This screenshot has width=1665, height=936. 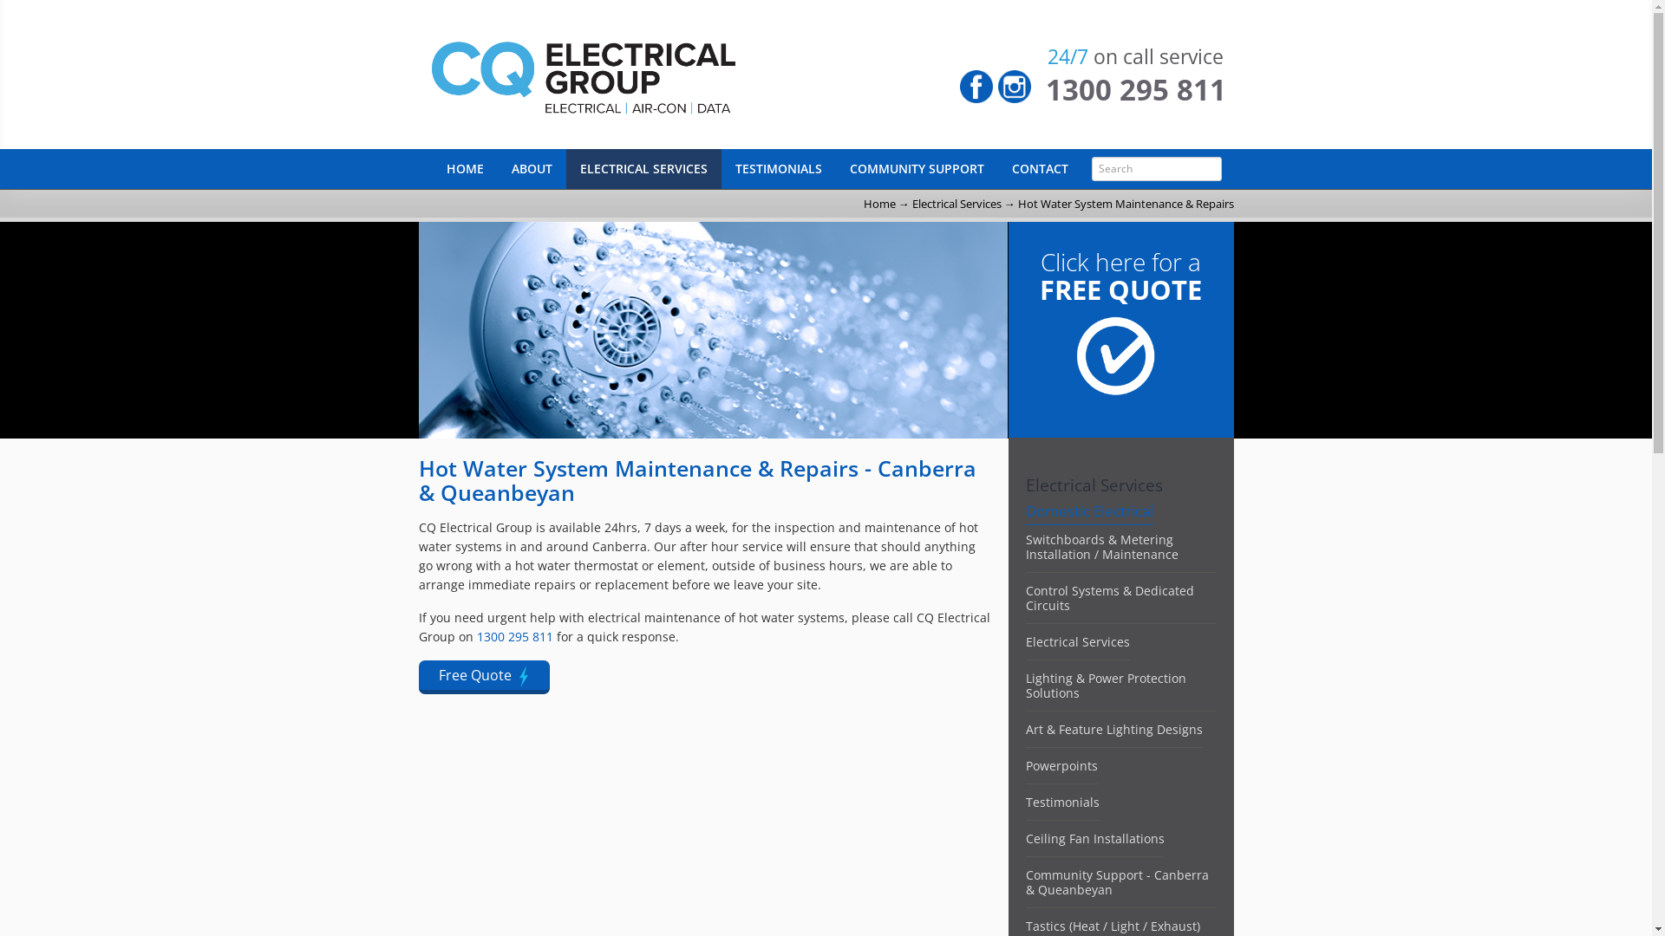 I want to click on 'Home', so click(x=651, y=73).